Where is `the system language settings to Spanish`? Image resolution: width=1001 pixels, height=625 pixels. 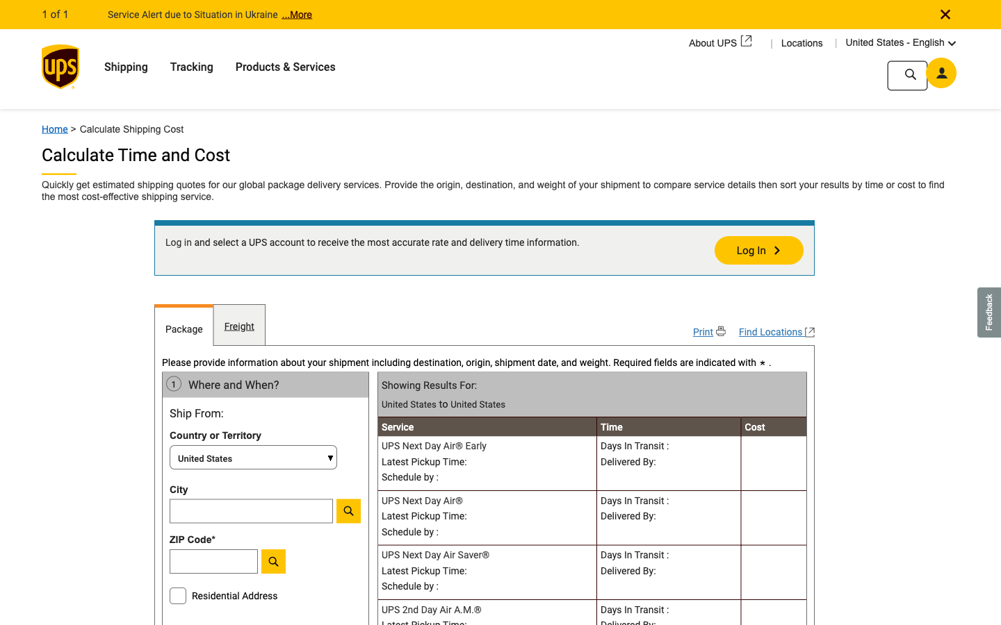
the system language settings to Spanish is located at coordinates (944, 41).